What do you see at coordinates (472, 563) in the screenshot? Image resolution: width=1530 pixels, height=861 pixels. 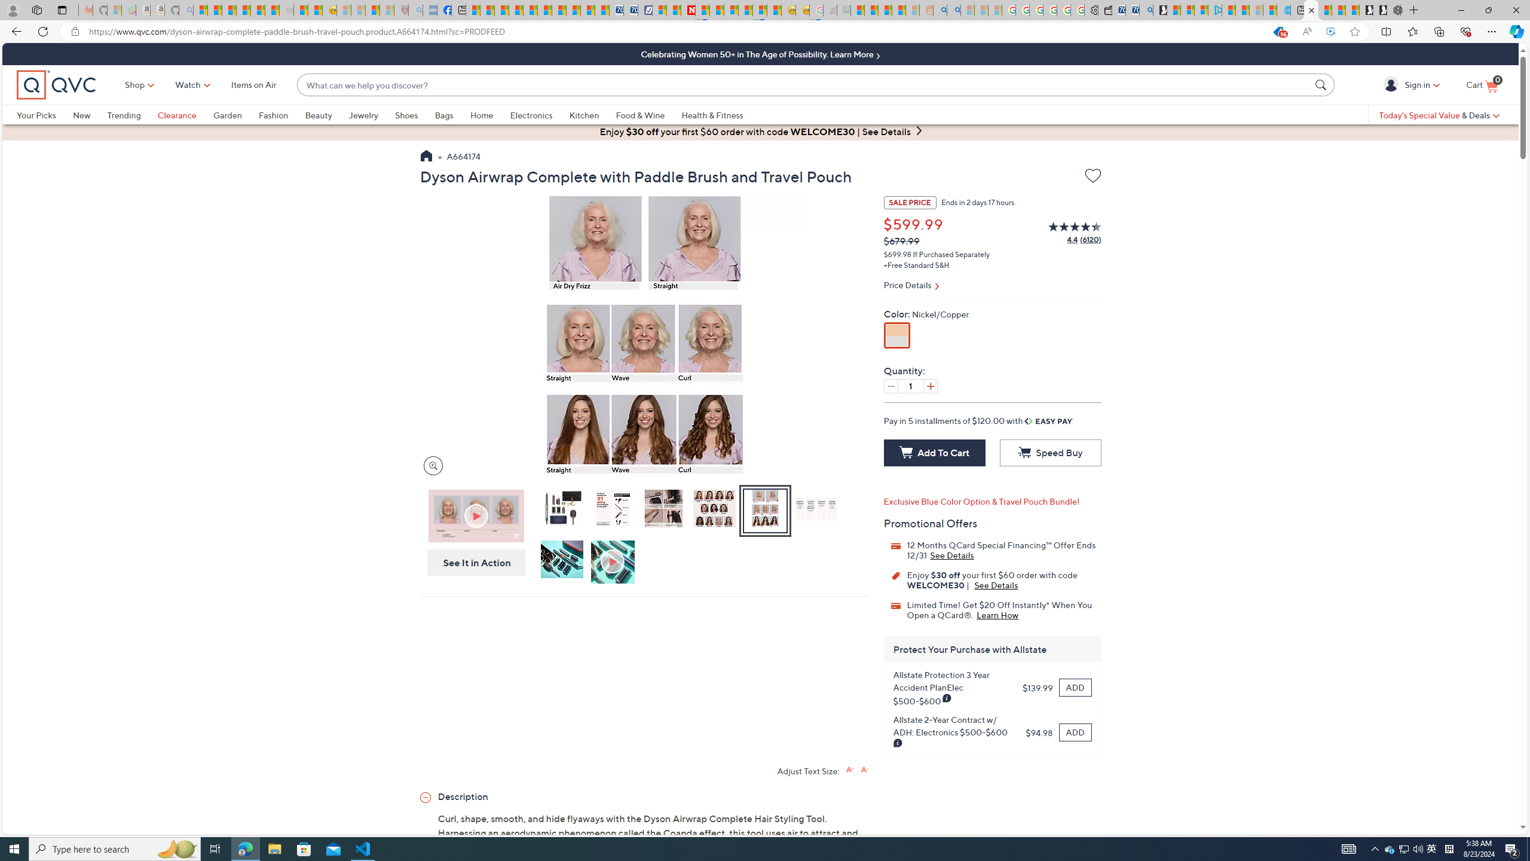 I see `'See It in Action'` at bounding box center [472, 563].